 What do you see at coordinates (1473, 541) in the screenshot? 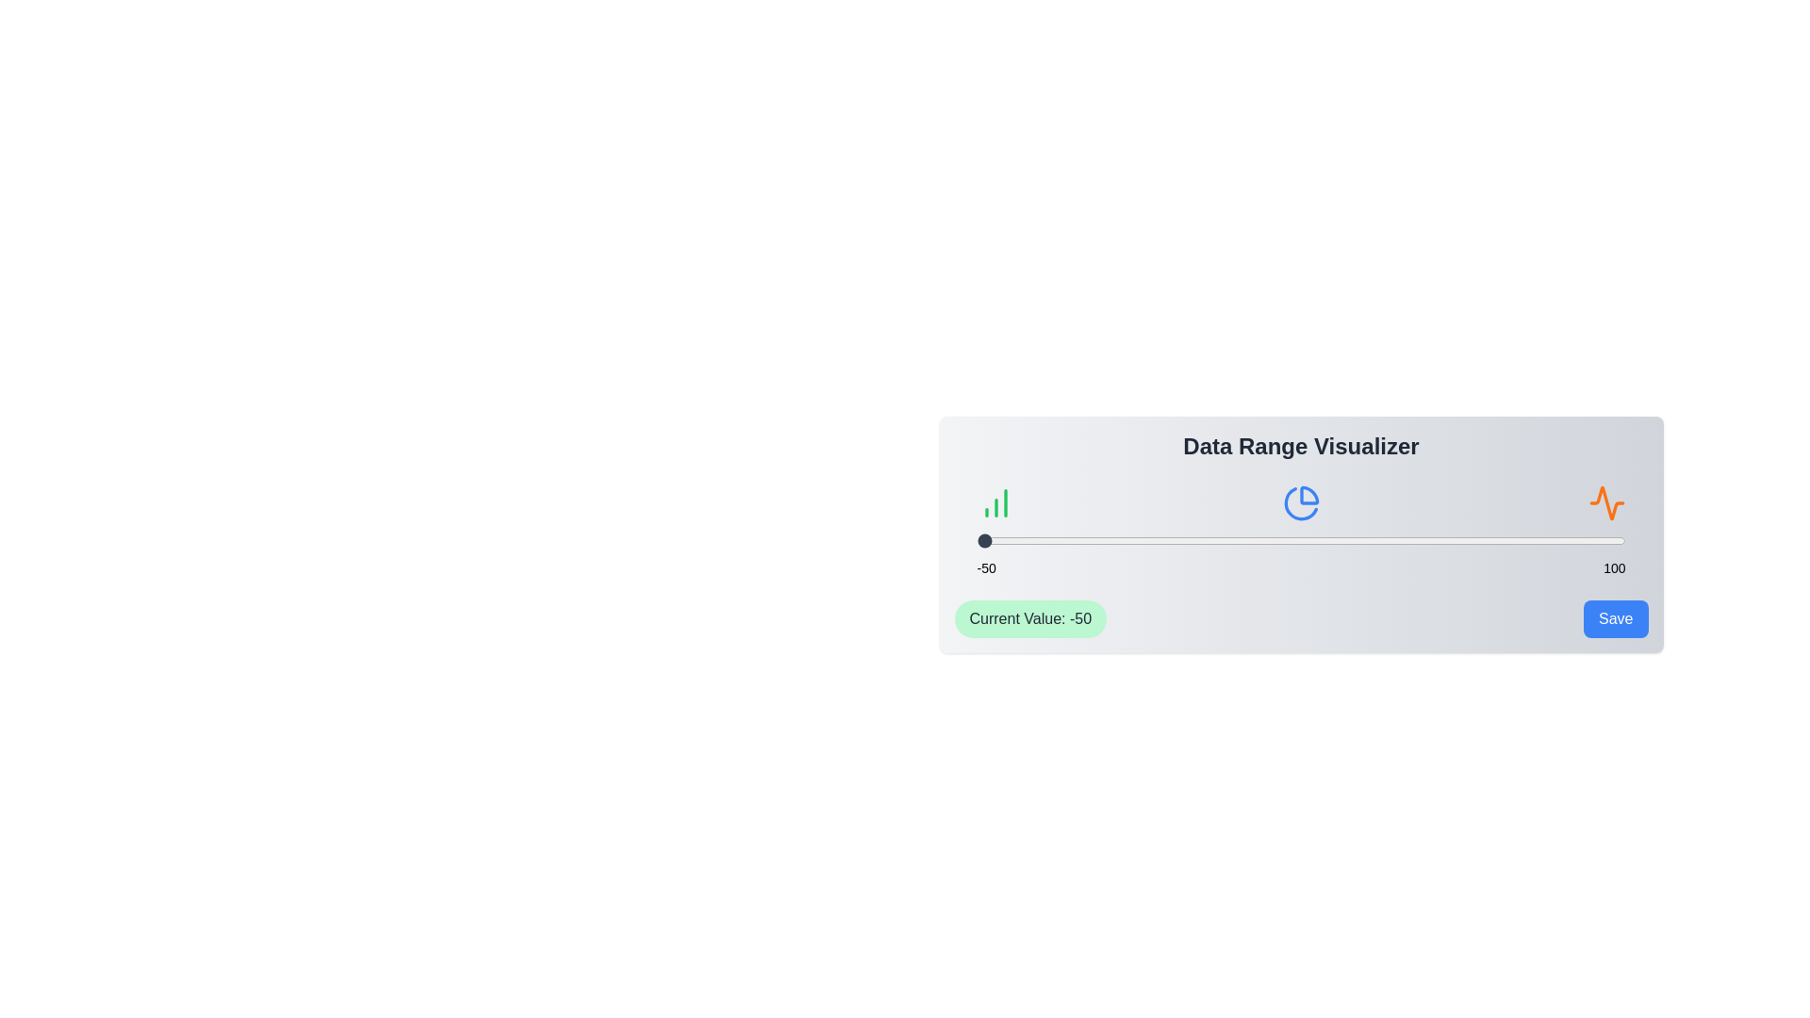
I see `the slider to set the value to 65` at bounding box center [1473, 541].